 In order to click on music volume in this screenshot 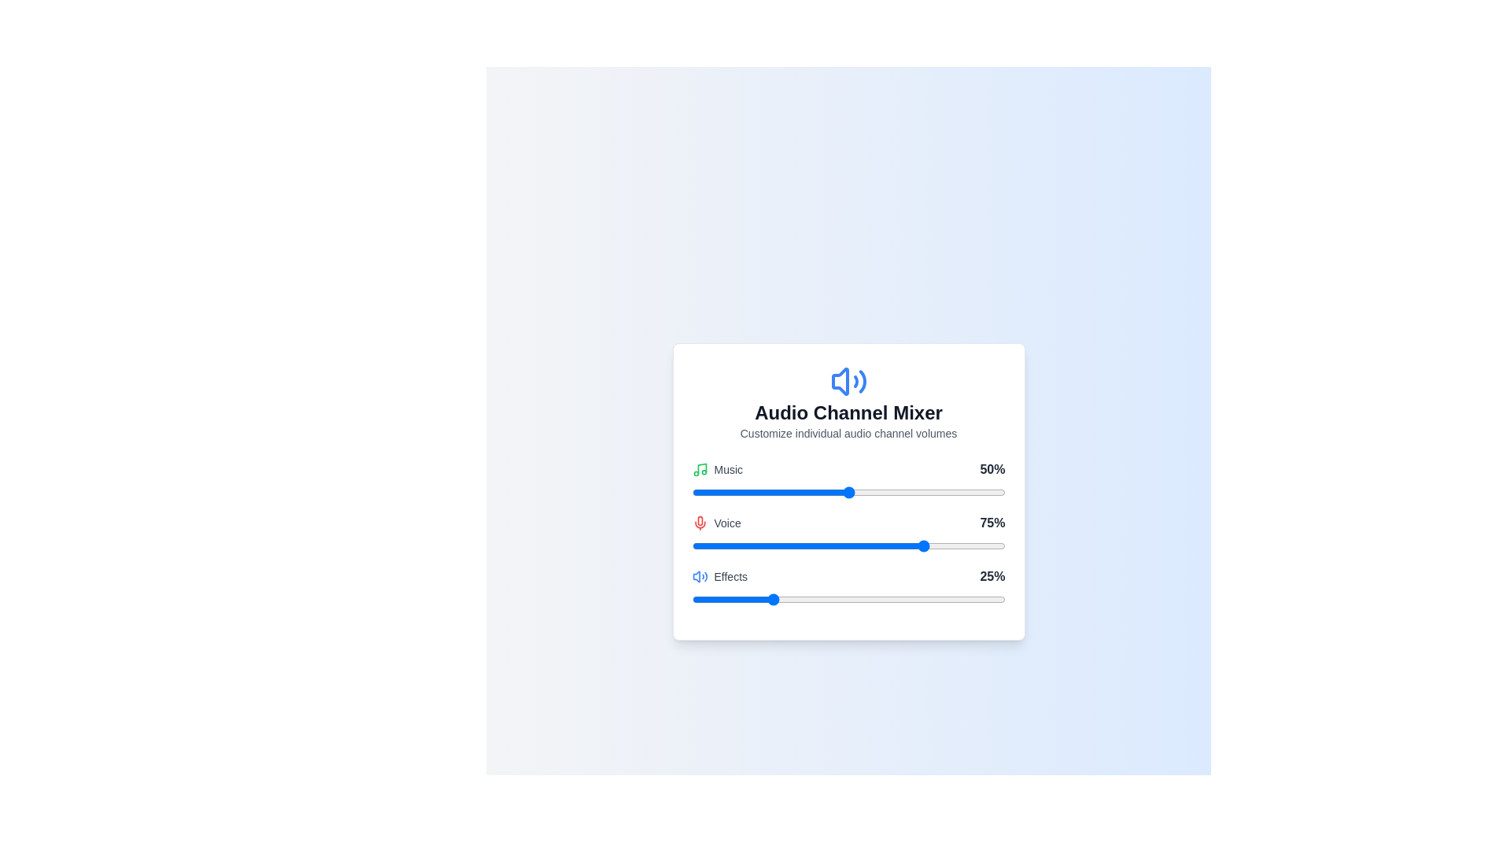, I will do `click(942, 491)`.